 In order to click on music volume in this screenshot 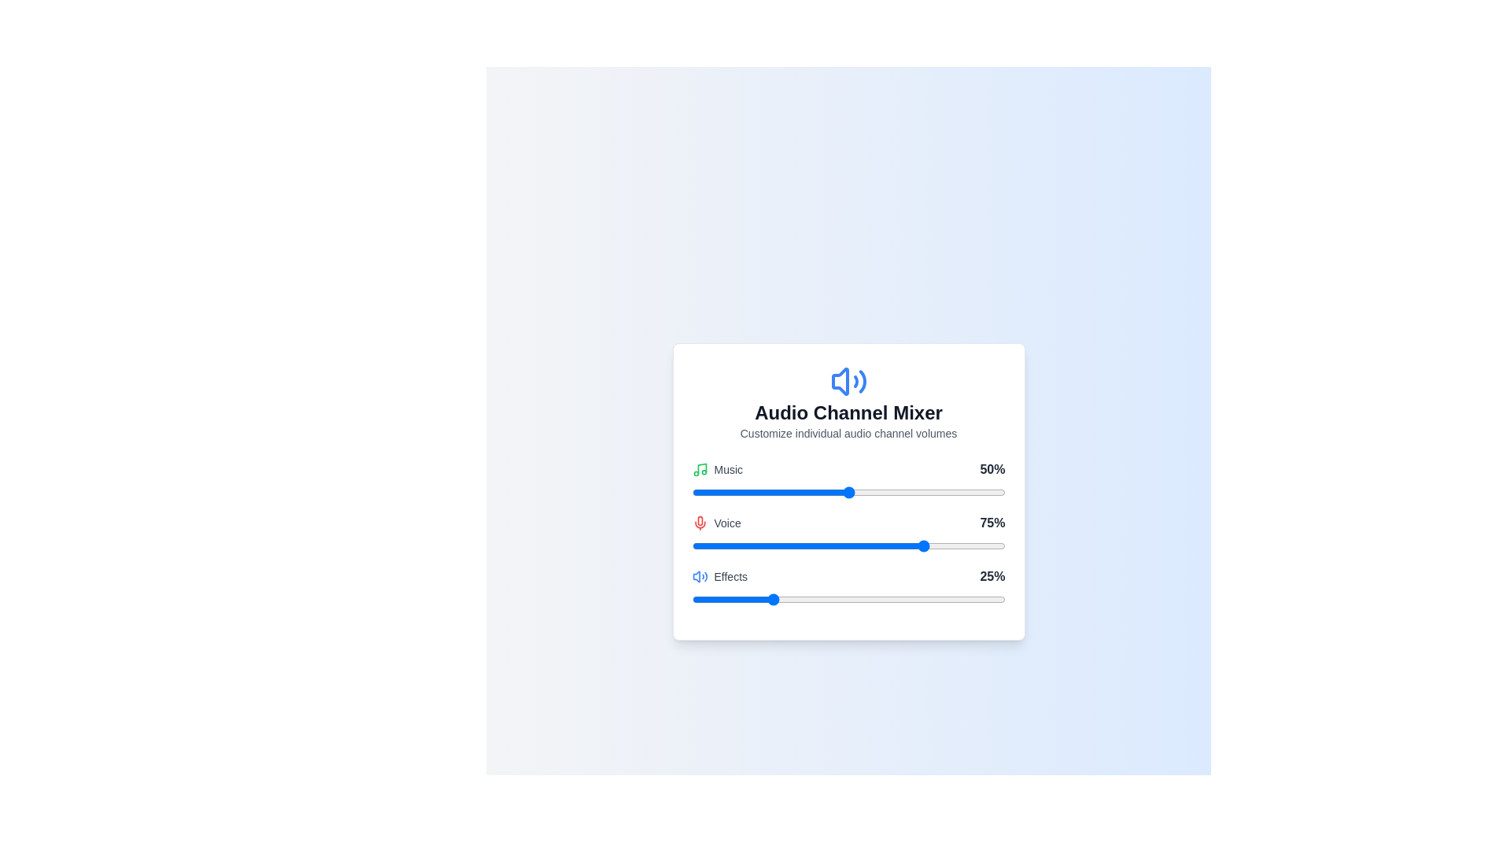, I will do `click(942, 491)`.